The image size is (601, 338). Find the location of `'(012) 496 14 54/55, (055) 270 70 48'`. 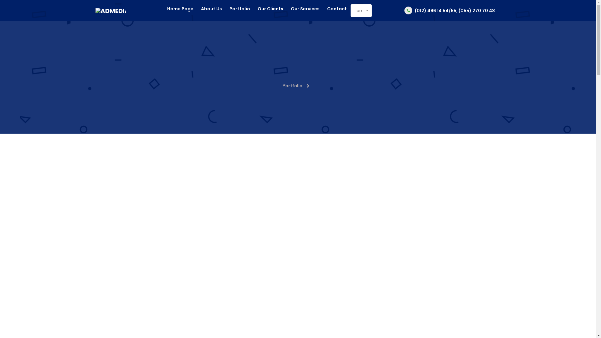

'(012) 496 14 54/55, (055) 270 70 48' is located at coordinates (449, 11).